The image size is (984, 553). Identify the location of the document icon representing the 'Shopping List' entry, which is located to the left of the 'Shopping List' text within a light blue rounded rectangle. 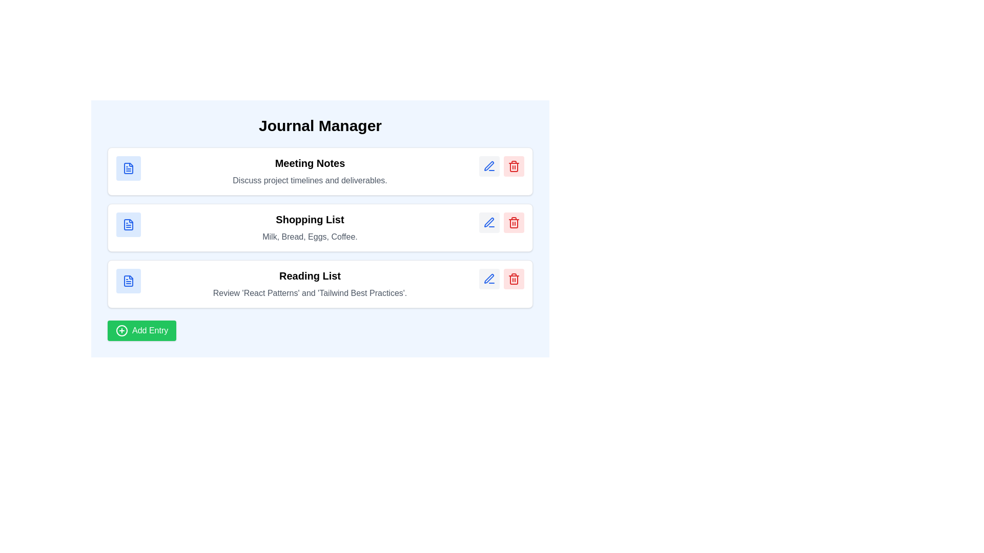
(128, 224).